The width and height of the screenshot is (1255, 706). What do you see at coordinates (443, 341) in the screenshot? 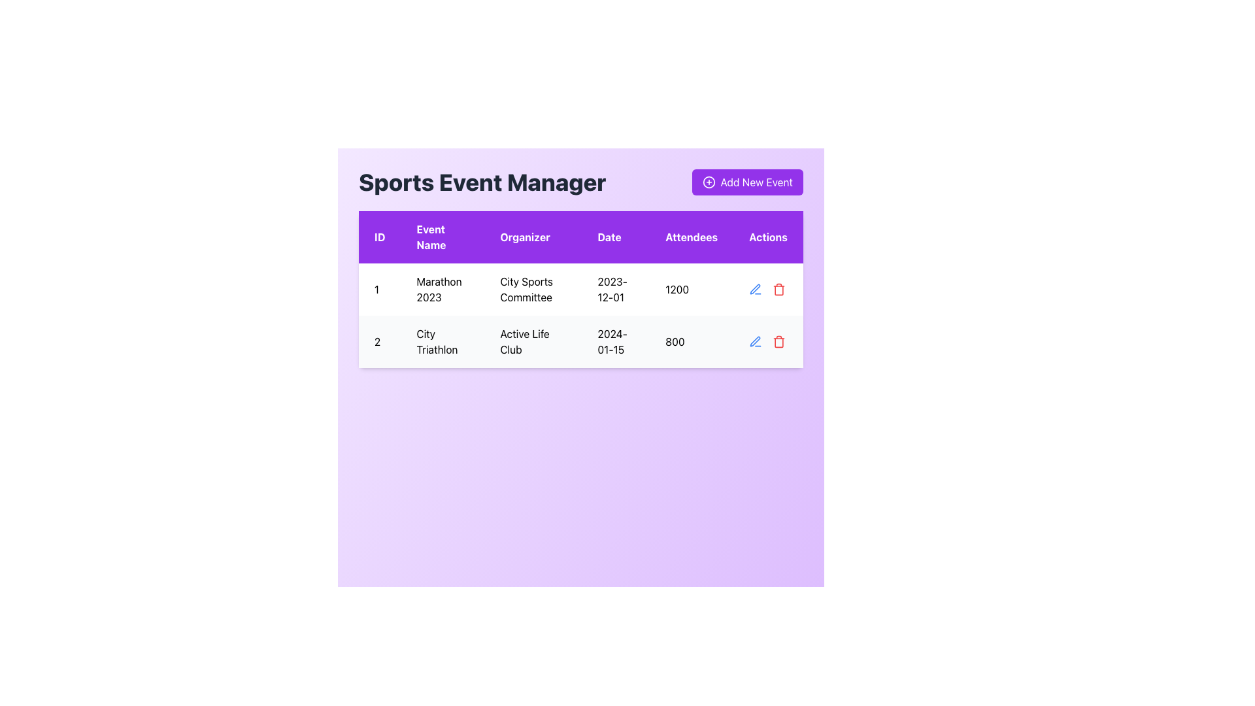
I see `the static text element displaying 'City Triathlon', which is located in the second row of the table under the 'Event Name' column` at bounding box center [443, 341].